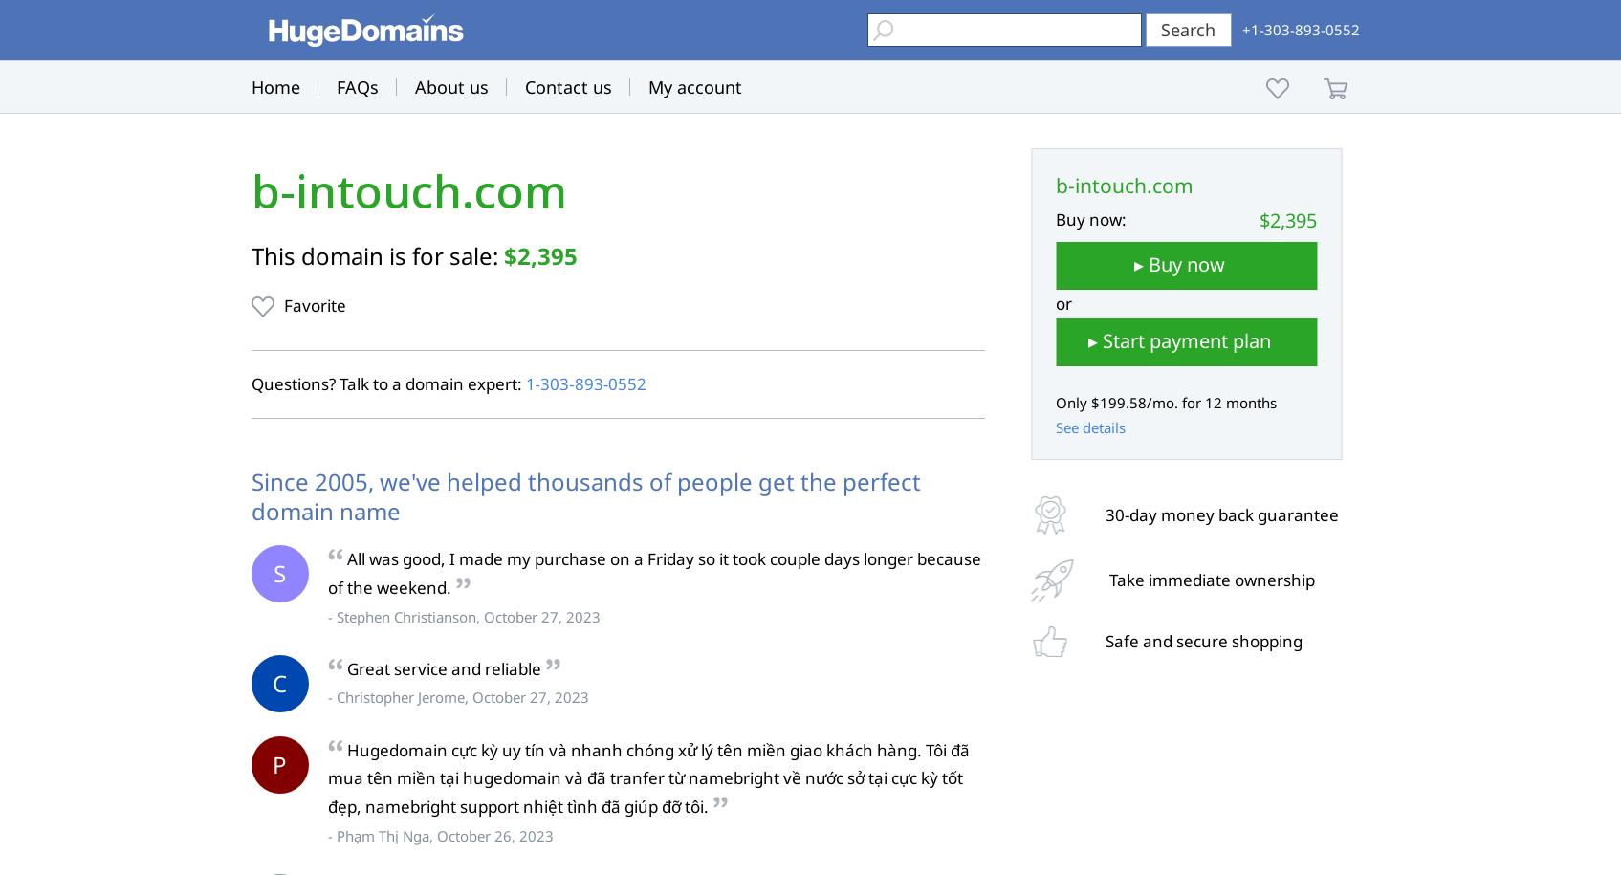 This screenshot has width=1621, height=875. What do you see at coordinates (313, 305) in the screenshot?
I see `'Favorite'` at bounding box center [313, 305].